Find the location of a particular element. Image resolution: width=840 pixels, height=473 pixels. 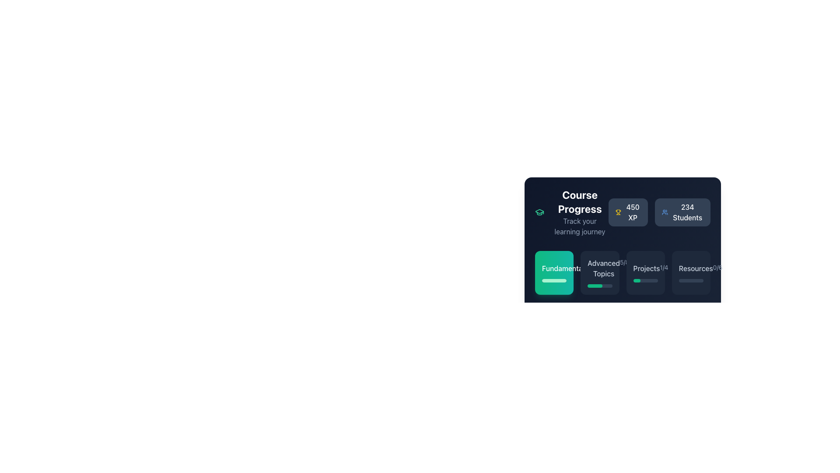

the full progress bar located within the 'Fundamentals' card, which is styled with a slate-colored background and a green progress fill, indicating full completion is located at coordinates (554, 280).